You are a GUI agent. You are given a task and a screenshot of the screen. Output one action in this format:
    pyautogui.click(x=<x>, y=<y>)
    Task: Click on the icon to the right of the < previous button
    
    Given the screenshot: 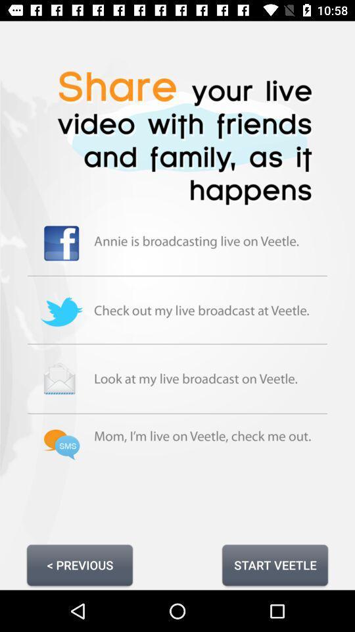 What is the action you would take?
    pyautogui.click(x=274, y=564)
    